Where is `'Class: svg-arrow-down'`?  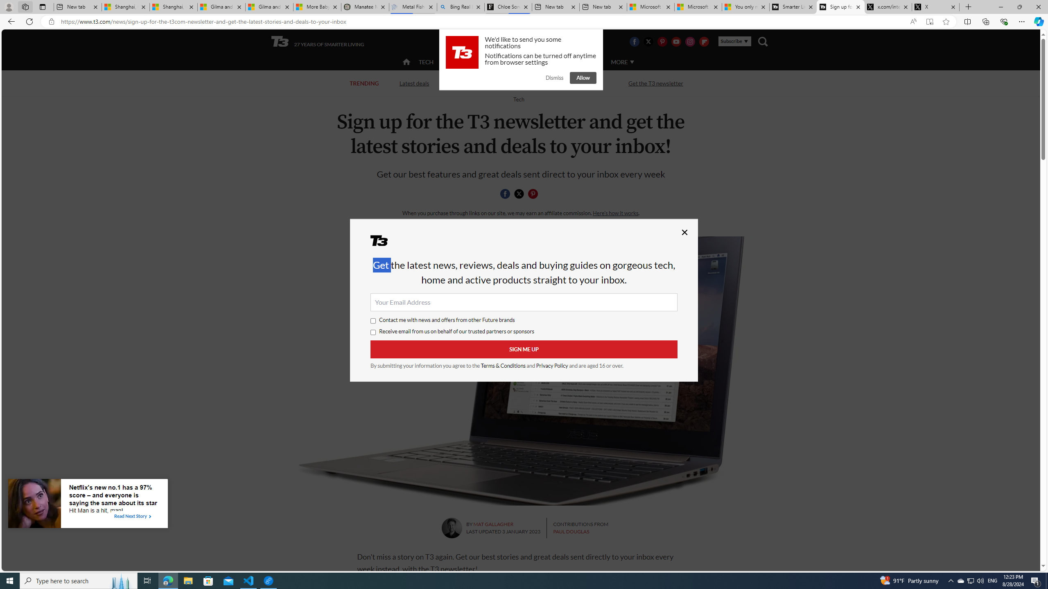
'Class: svg-arrow-down' is located at coordinates (631, 61).